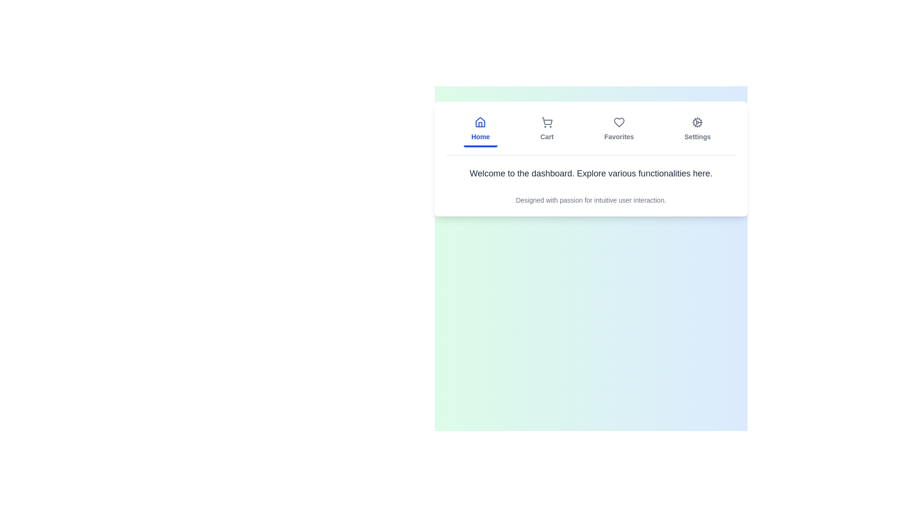  I want to click on the navigation button for 'Home' located at the top of the UI, positioned to the left of 'Cart', 'Favorites', and 'Settings', so click(480, 130).